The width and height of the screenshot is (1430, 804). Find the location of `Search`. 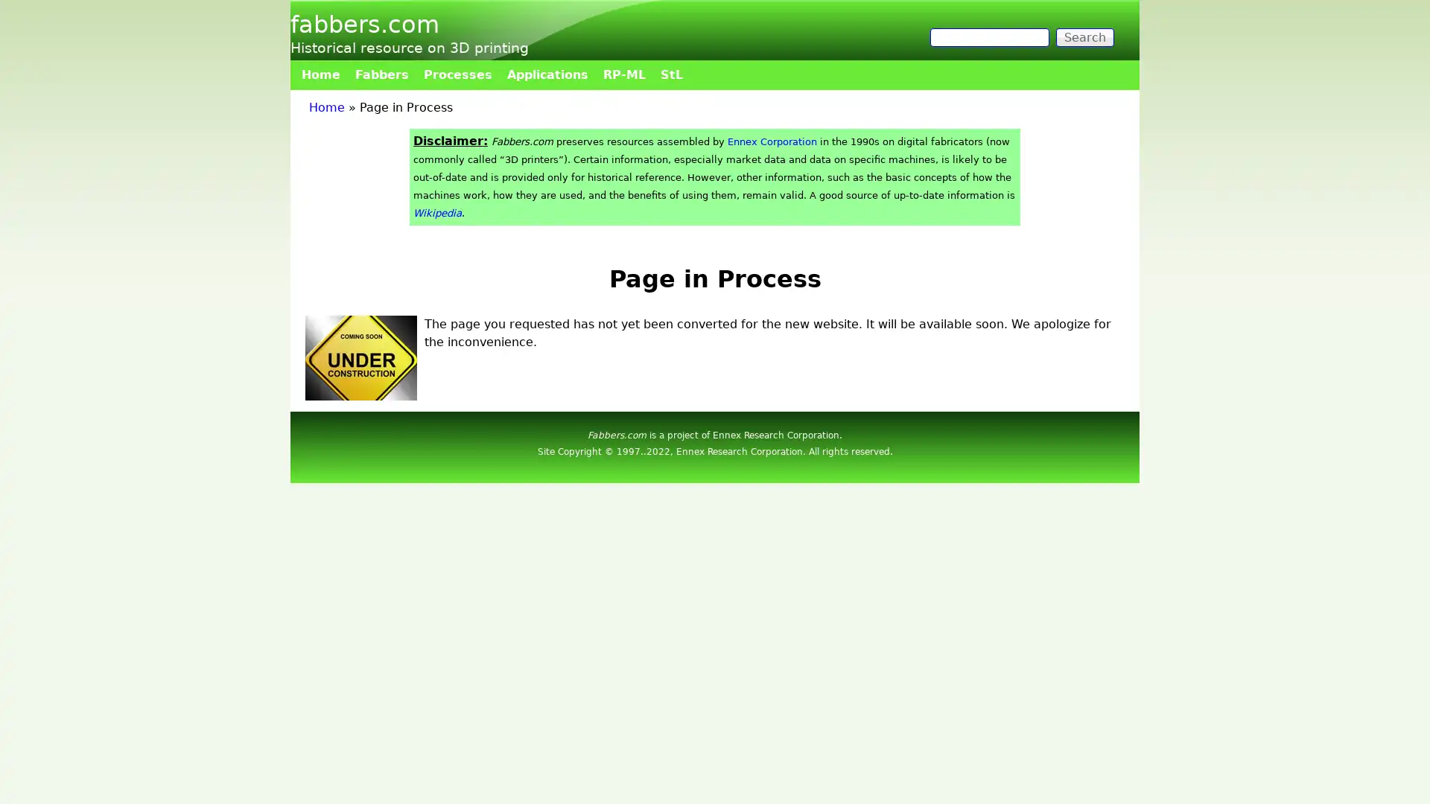

Search is located at coordinates (1085, 36).